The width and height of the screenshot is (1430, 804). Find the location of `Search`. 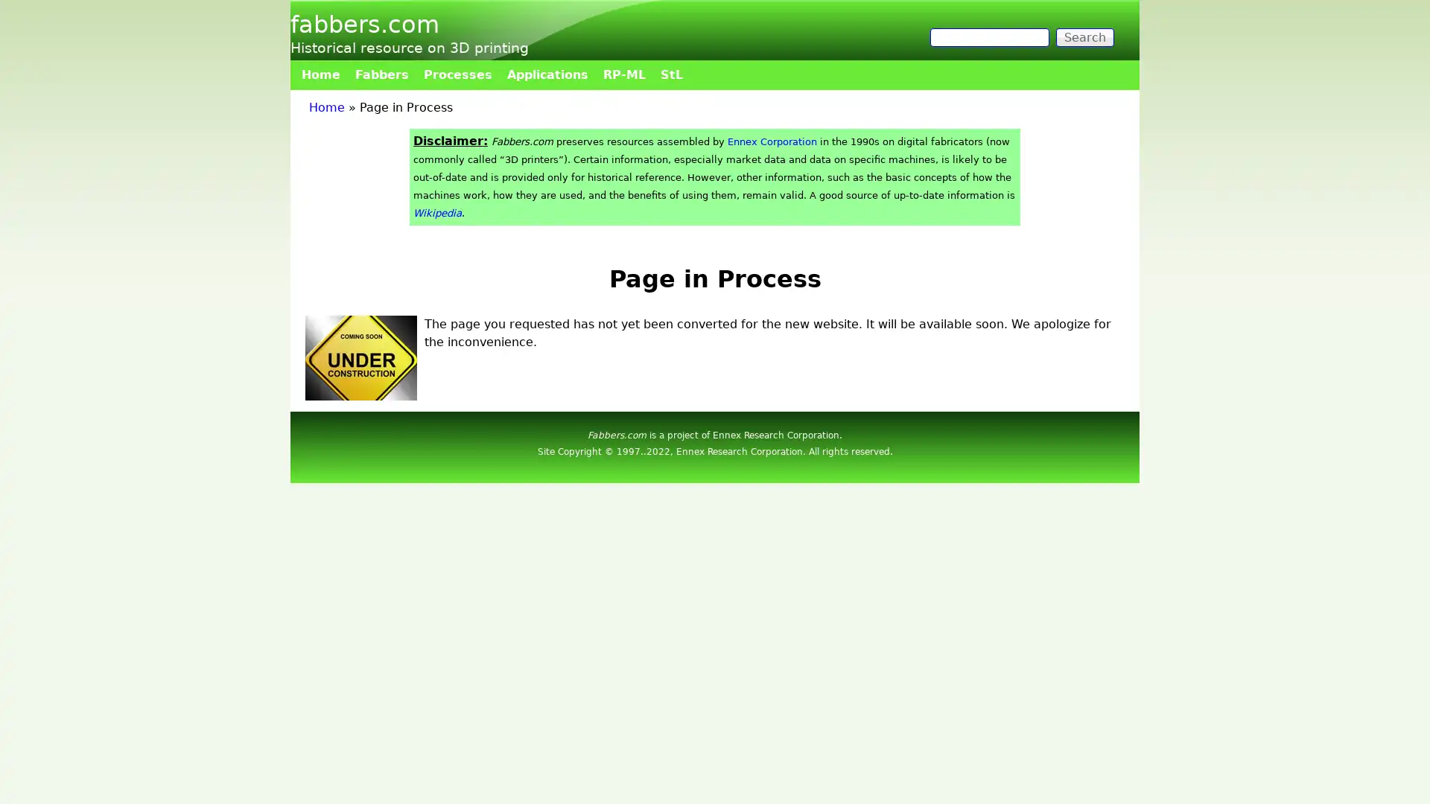

Search is located at coordinates (1085, 36).